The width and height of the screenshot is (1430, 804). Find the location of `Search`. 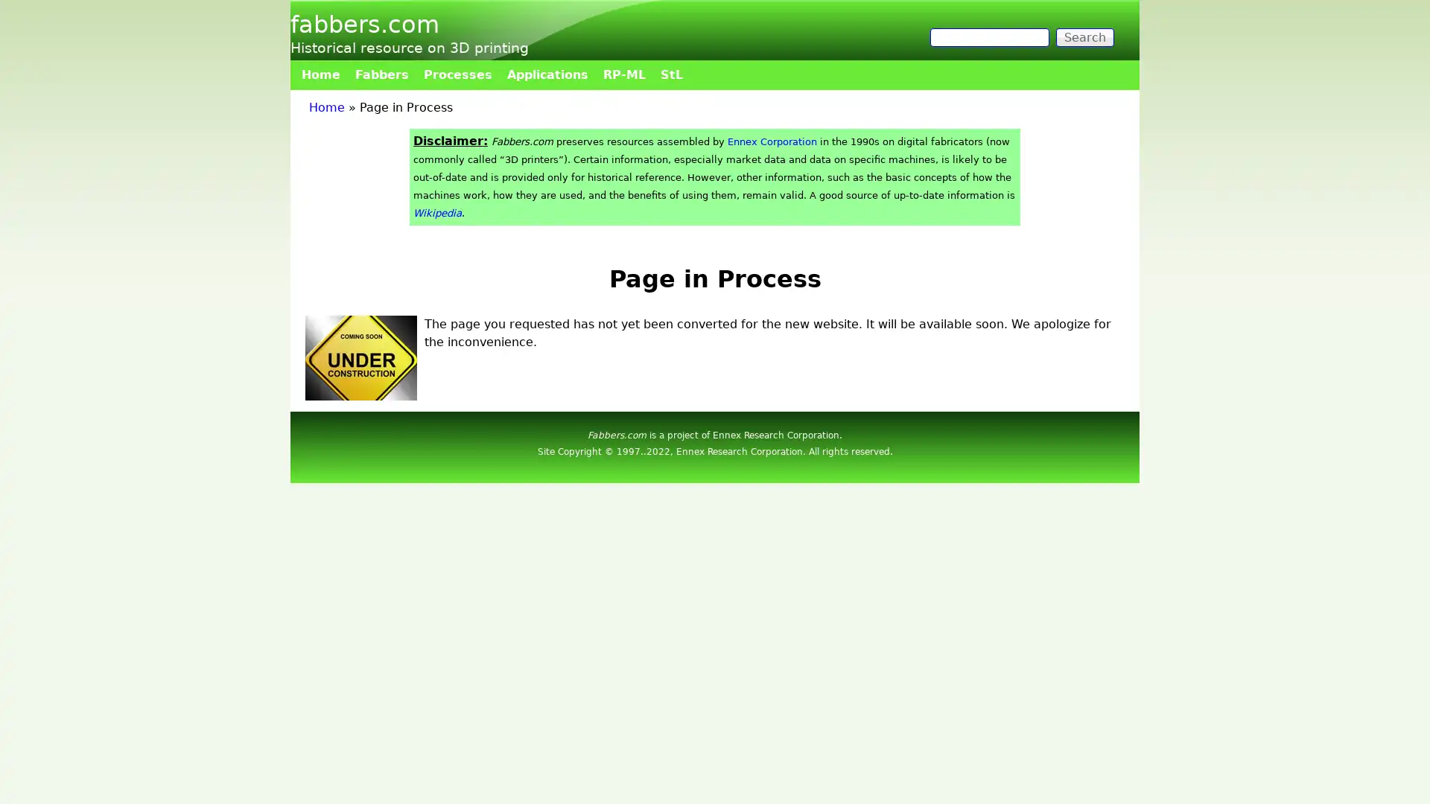

Search is located at coordinates (1085, 36).